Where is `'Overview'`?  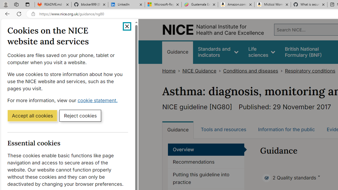
'Overview' is located at coordinates (206, 150).